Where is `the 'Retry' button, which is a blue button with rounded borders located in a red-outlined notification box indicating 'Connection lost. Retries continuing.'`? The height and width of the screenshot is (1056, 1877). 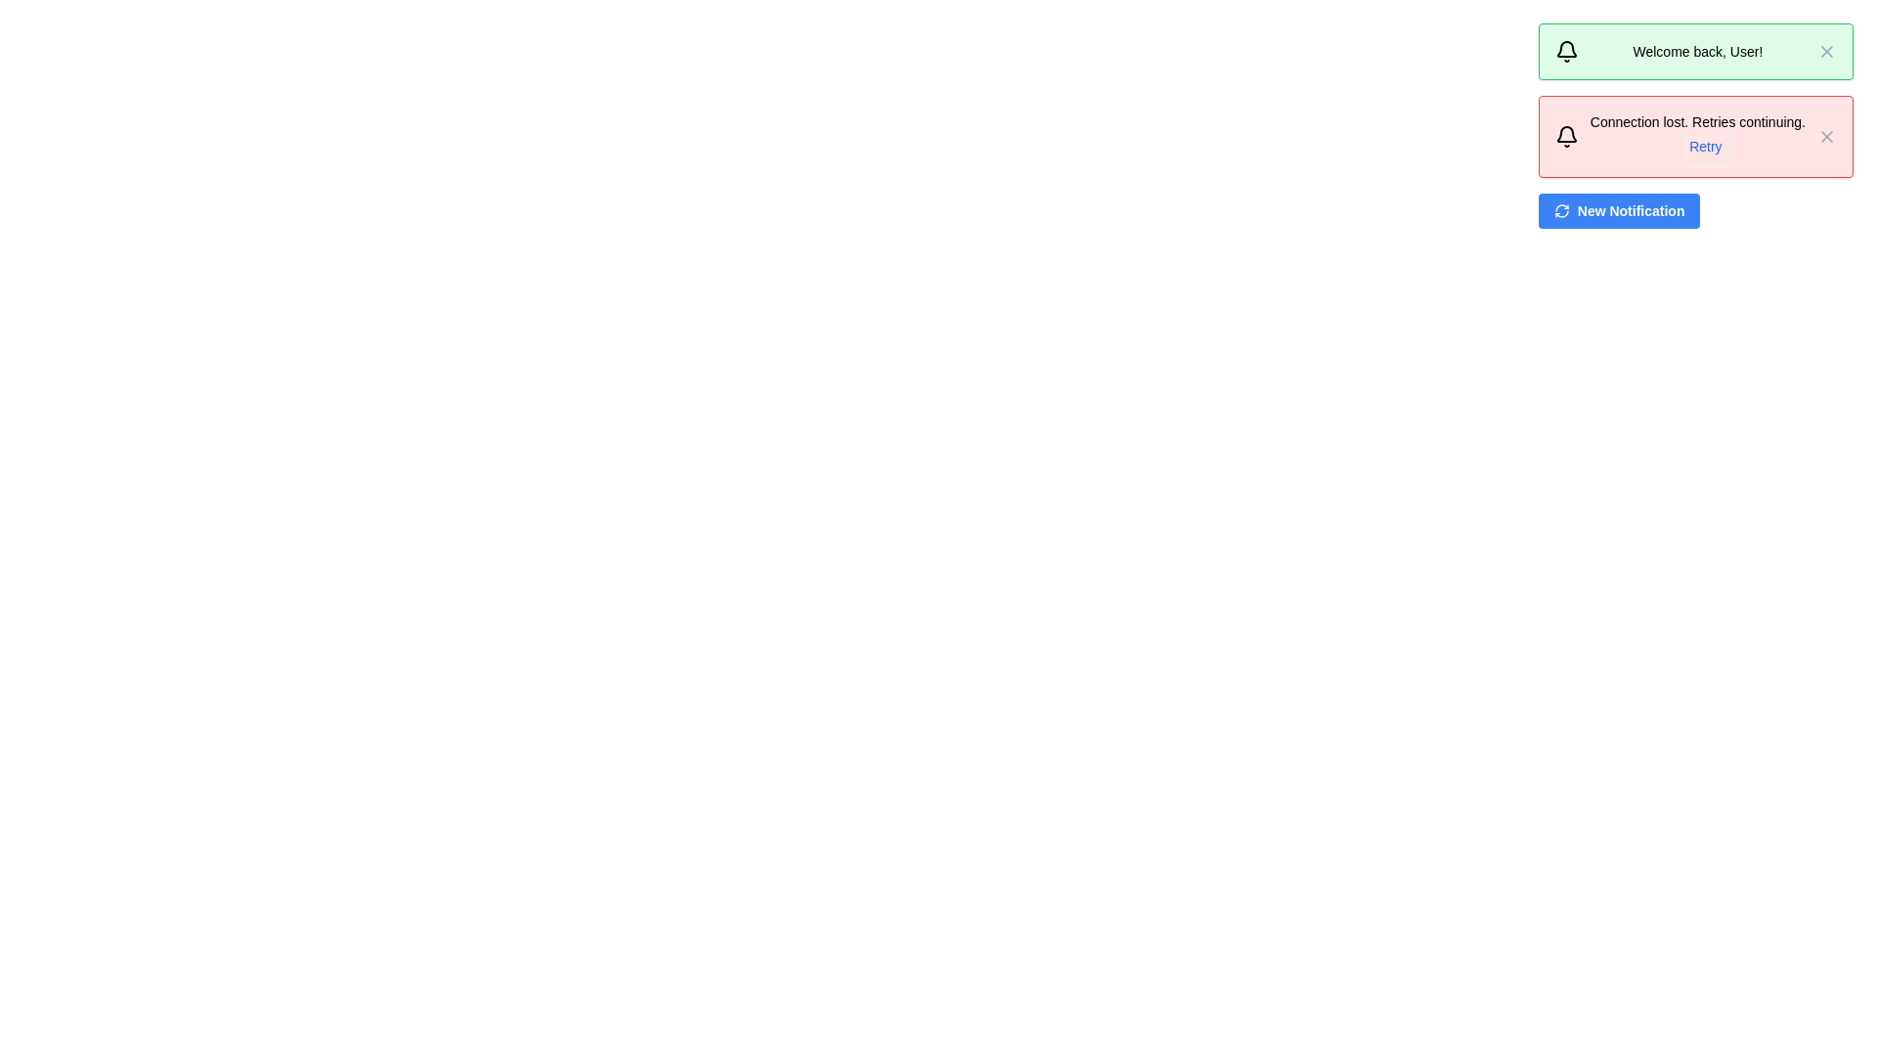 the 'Retry' button, which is a blue button with rounded borders located in a red-outlined notification box indicating 'Connection lost. Retries continuing.' is located at coordinates (1696, 146).